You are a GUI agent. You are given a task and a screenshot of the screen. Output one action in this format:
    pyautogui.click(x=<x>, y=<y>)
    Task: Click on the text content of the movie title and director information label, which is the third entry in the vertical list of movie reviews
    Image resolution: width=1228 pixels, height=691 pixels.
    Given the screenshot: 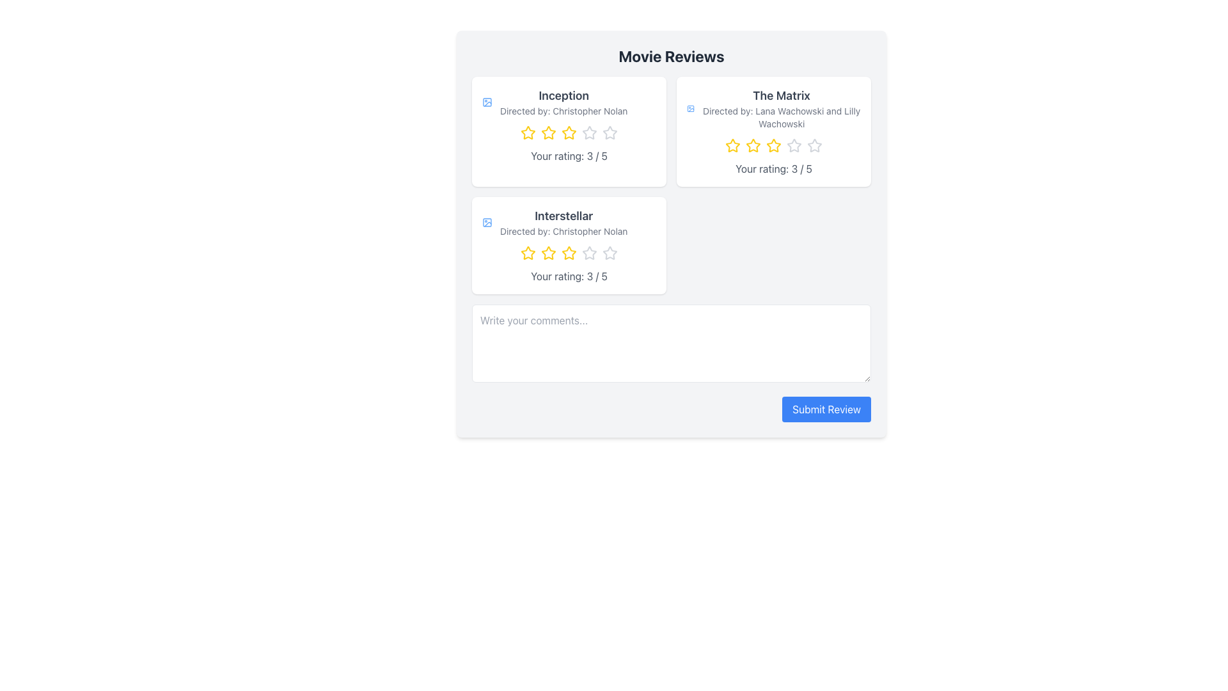 What is the action you would take?
    pyautogui.click(x=563, y=221)
    